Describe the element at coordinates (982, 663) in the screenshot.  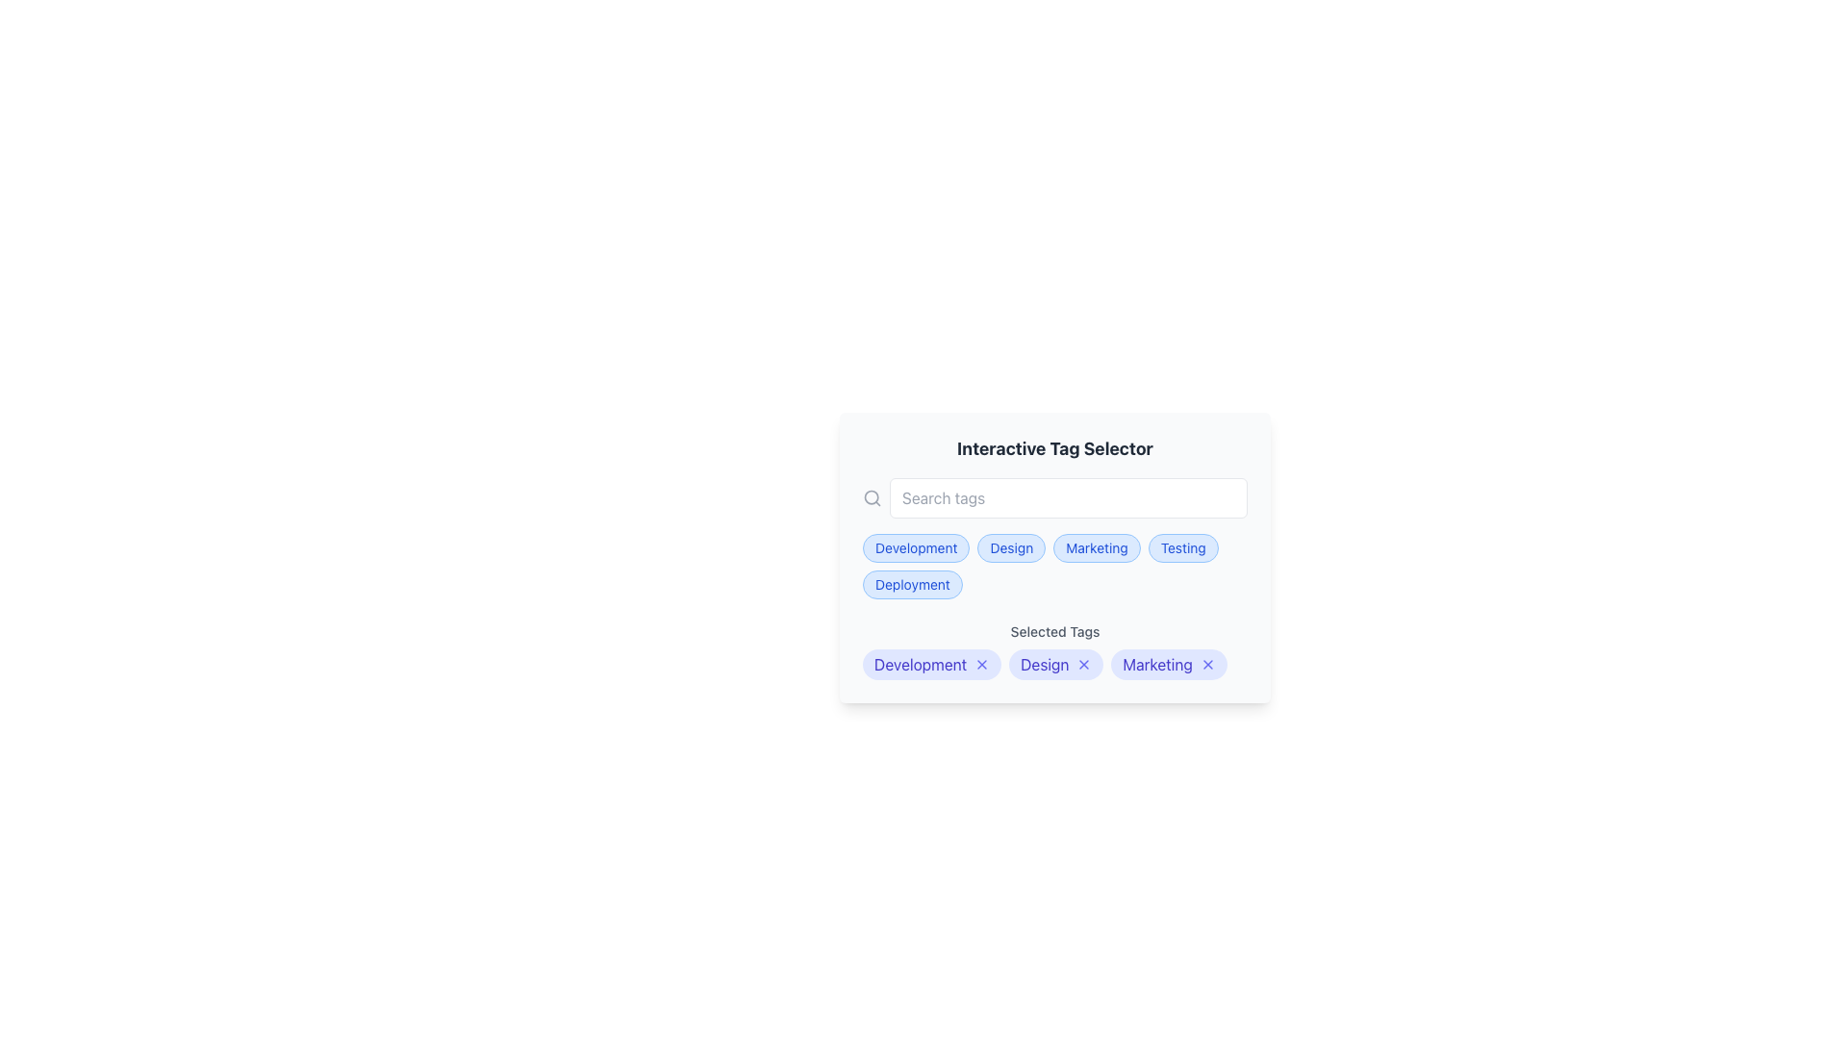
I see `the indigo 'X' button located to the immediate right of the 'Development' tag in the 'Selected Tags' section` at that location.